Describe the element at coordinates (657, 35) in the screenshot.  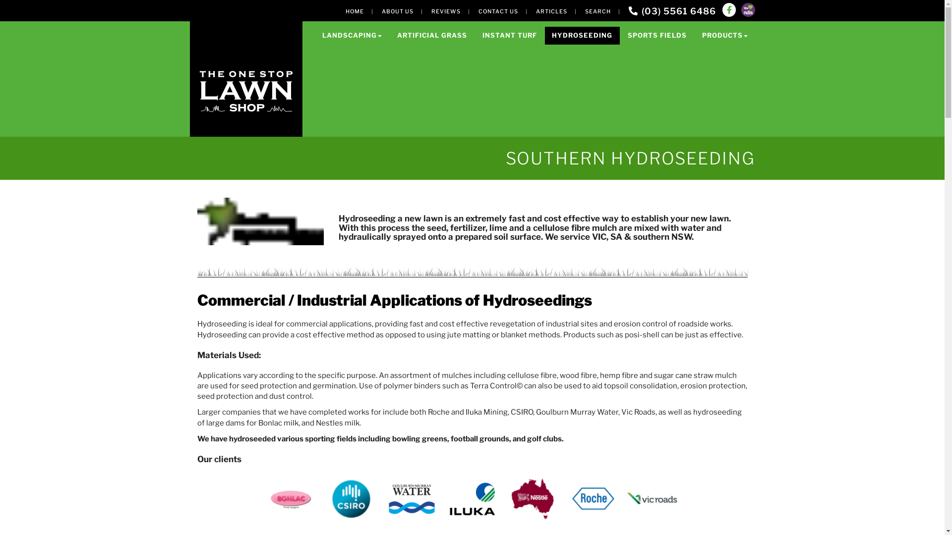
I see `'SPORTS FIELDS'` at that location.